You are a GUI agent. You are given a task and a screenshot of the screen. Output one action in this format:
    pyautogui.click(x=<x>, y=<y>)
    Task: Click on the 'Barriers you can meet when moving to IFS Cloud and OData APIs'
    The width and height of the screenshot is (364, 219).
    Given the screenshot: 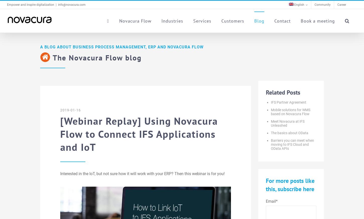 What is the action you would take?
    pyautogui.click(x=271, y=144)
    